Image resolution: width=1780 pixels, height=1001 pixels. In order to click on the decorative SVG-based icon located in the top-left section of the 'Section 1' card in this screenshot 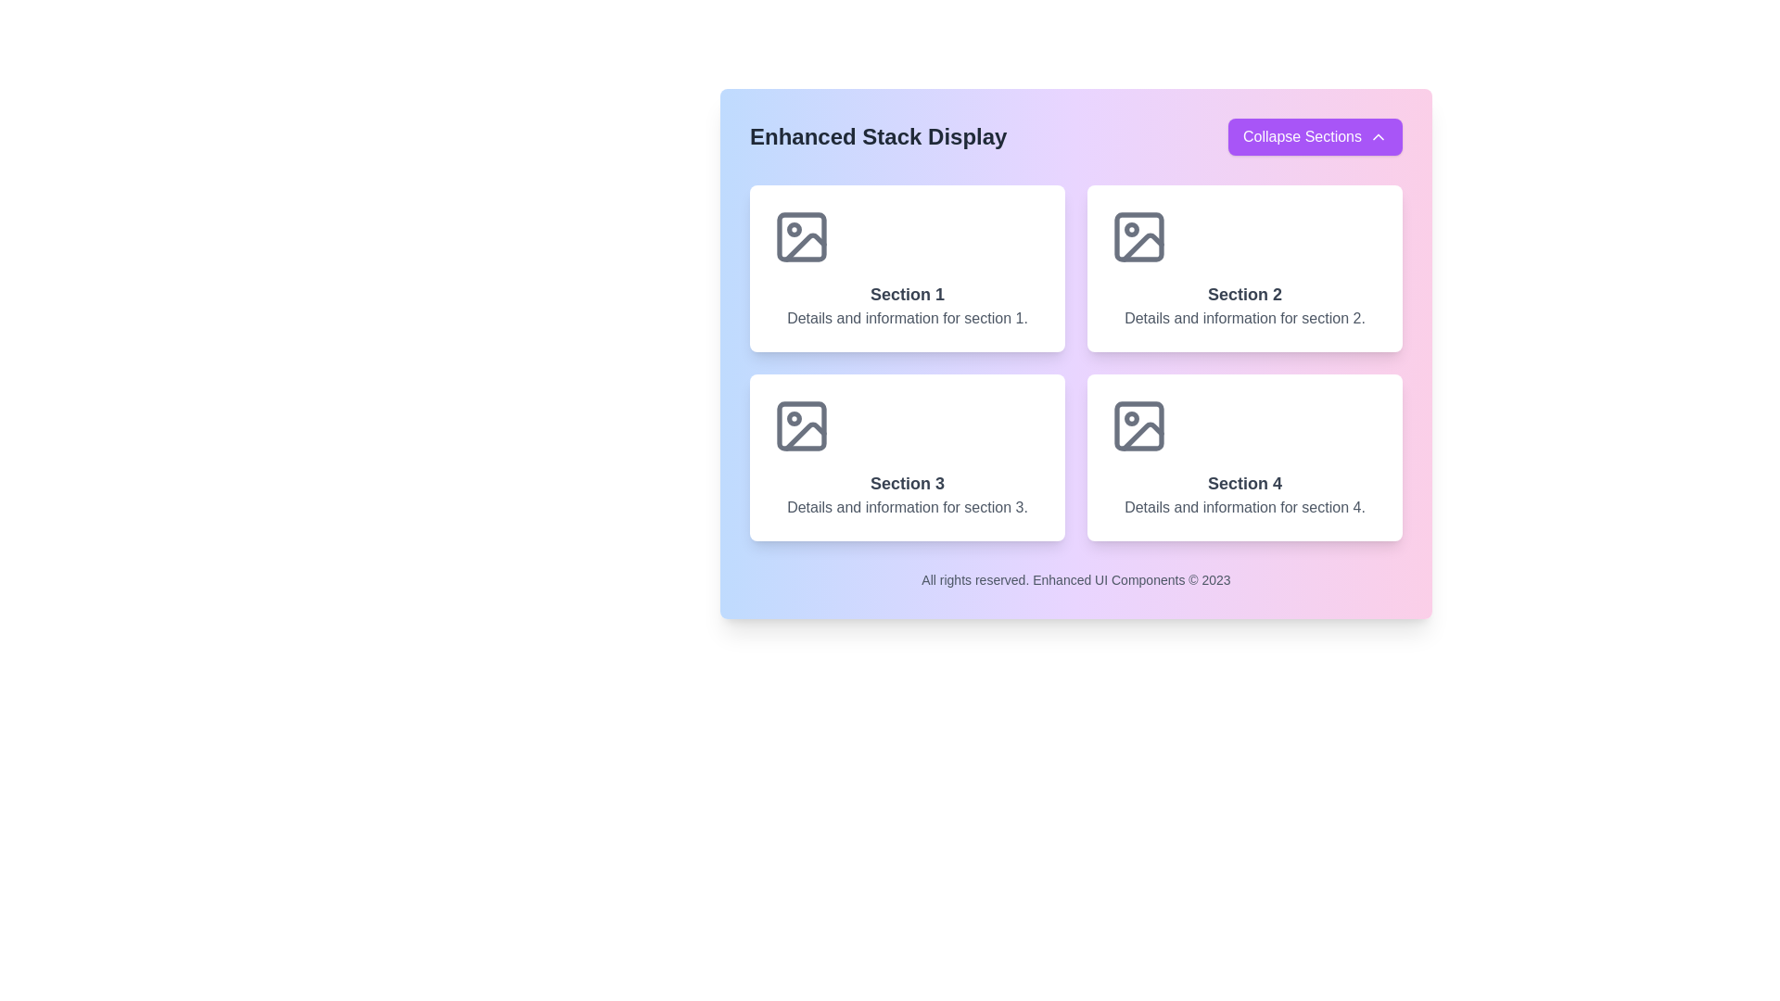, I will do `click(801, 235)`.